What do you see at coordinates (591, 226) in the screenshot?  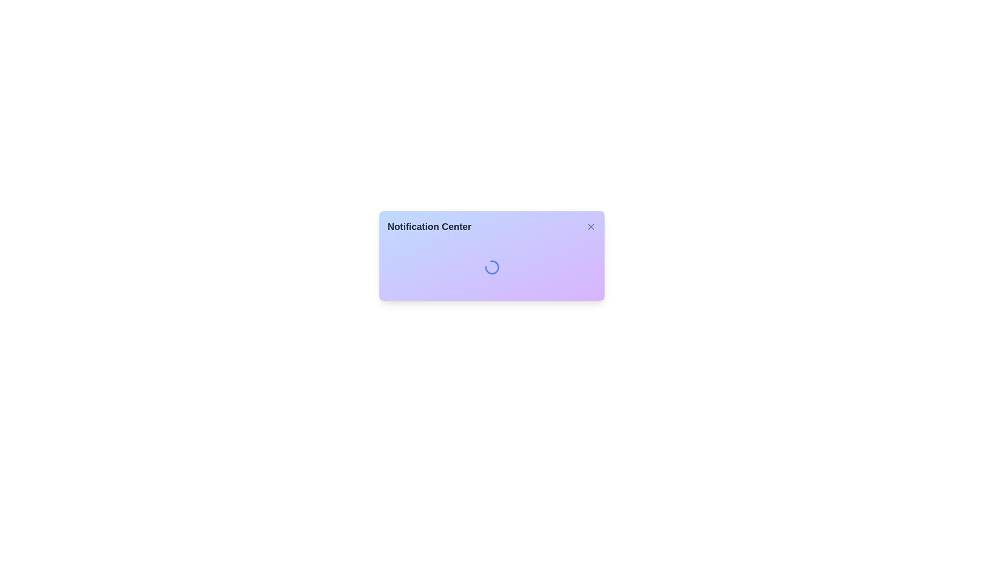 I see `the close button located in the top-right corner of the notification panel, adjacent to the 'Notification Center' title` at bounding box center [591, 226].